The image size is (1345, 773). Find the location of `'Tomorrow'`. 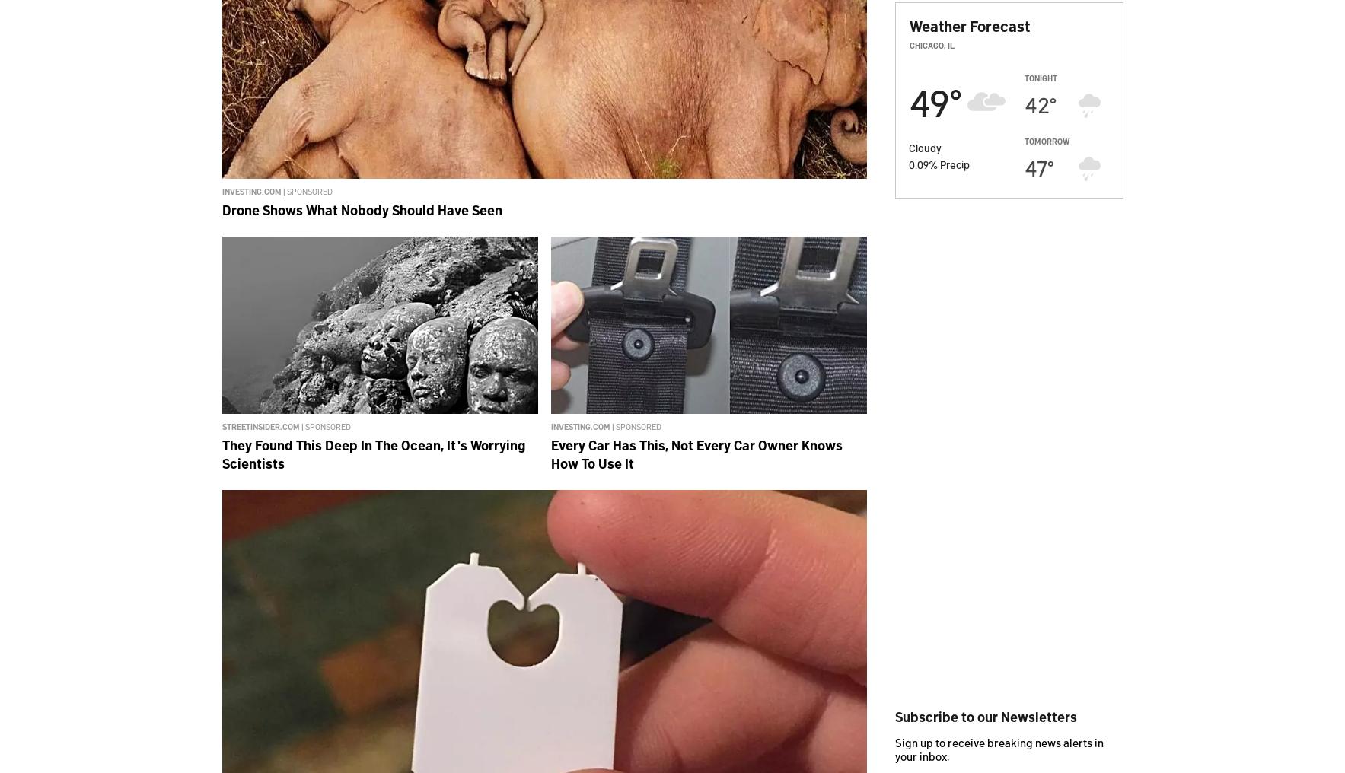

'Tomorrow' is located at coordinates (1023, 140).